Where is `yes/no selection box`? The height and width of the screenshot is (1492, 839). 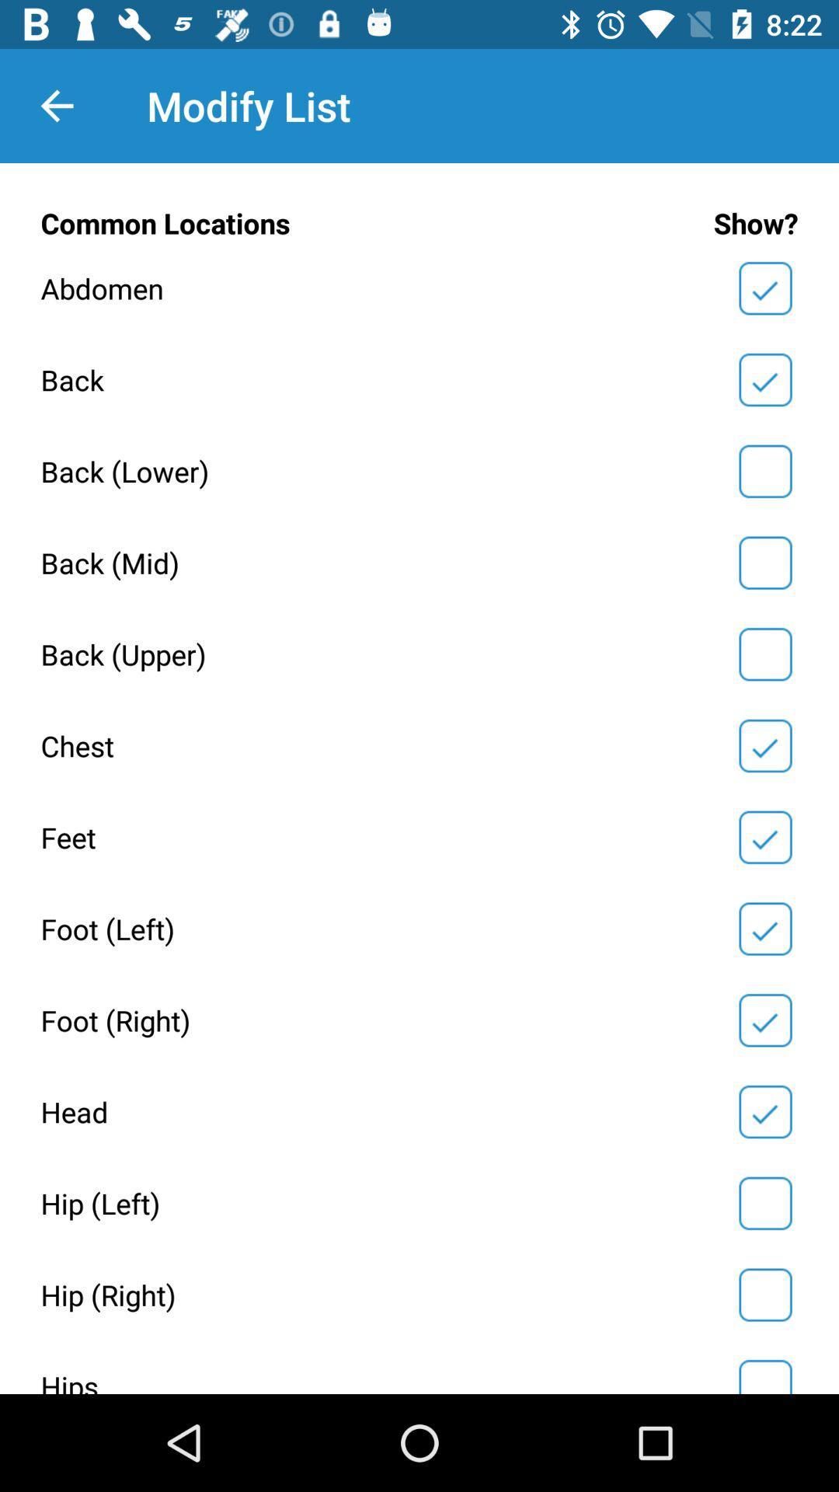 yes/no selection box is located at coordinates (764, 836).